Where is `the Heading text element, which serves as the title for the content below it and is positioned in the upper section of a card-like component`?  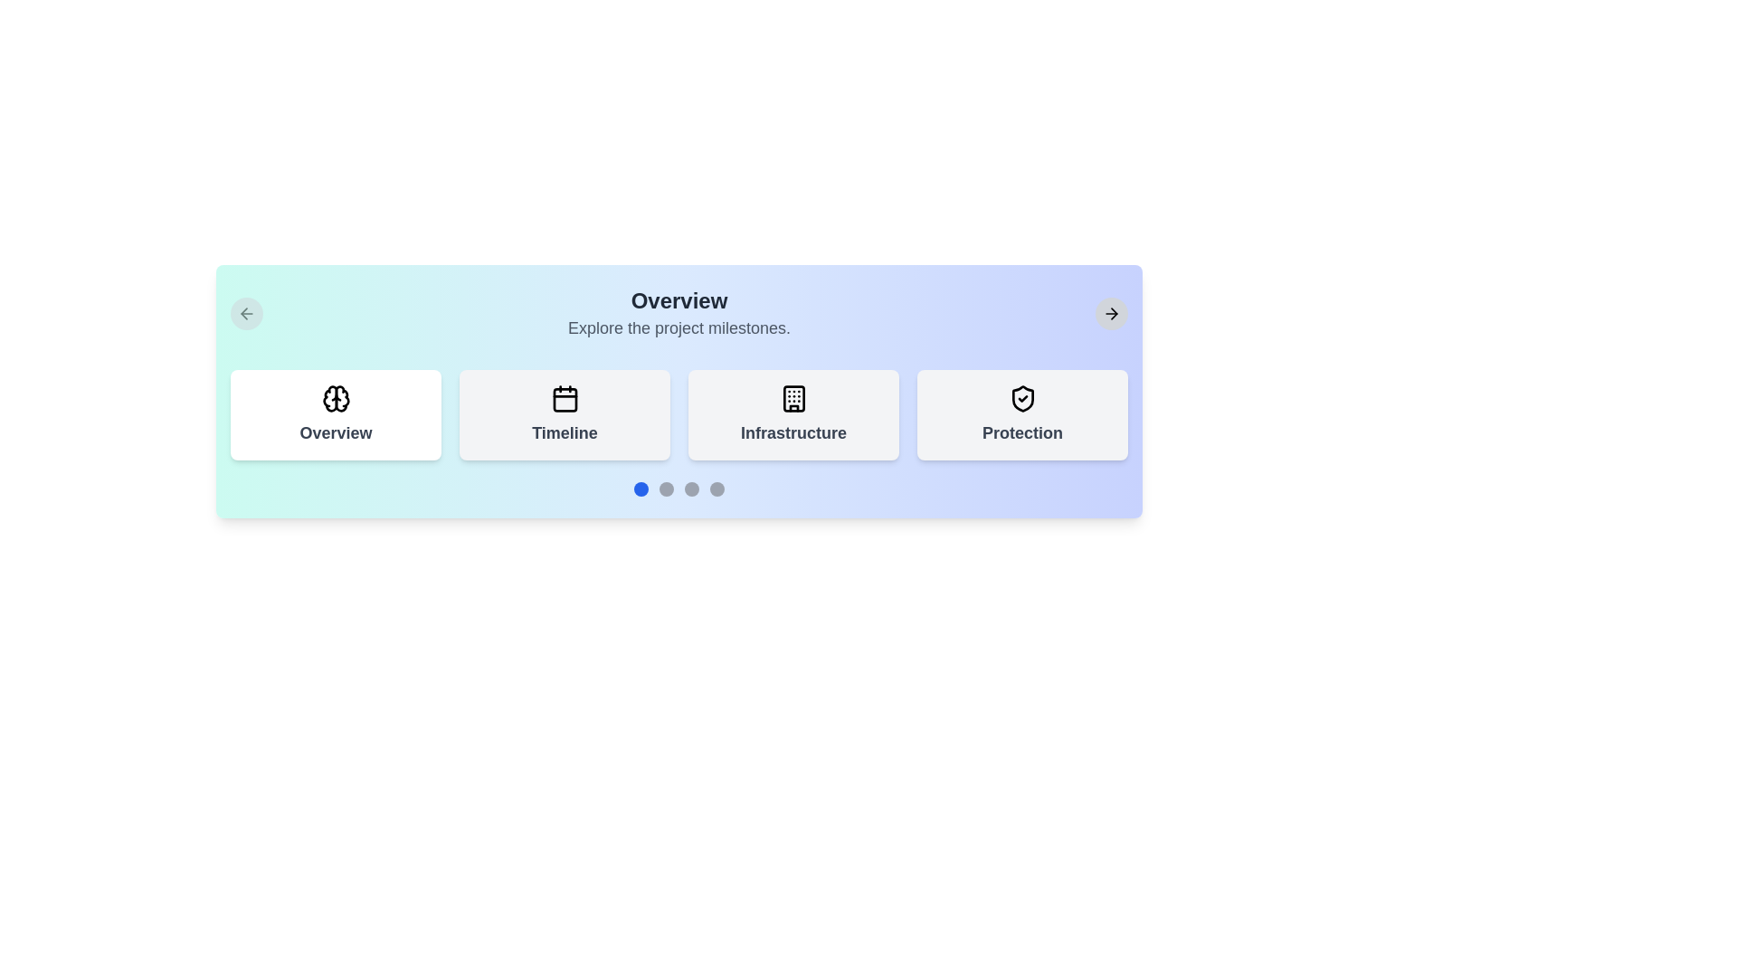
the Heading text element, which serves as the title for the content below it and is positioned in the upper section of a card-like component is located at coordinates (678, 299).